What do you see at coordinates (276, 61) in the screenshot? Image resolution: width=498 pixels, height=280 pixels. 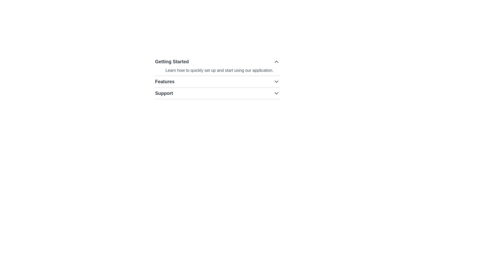 I see `the icon button located at the rightmost side of the 'Getting Started' header section` at bounding box center [276, 61].